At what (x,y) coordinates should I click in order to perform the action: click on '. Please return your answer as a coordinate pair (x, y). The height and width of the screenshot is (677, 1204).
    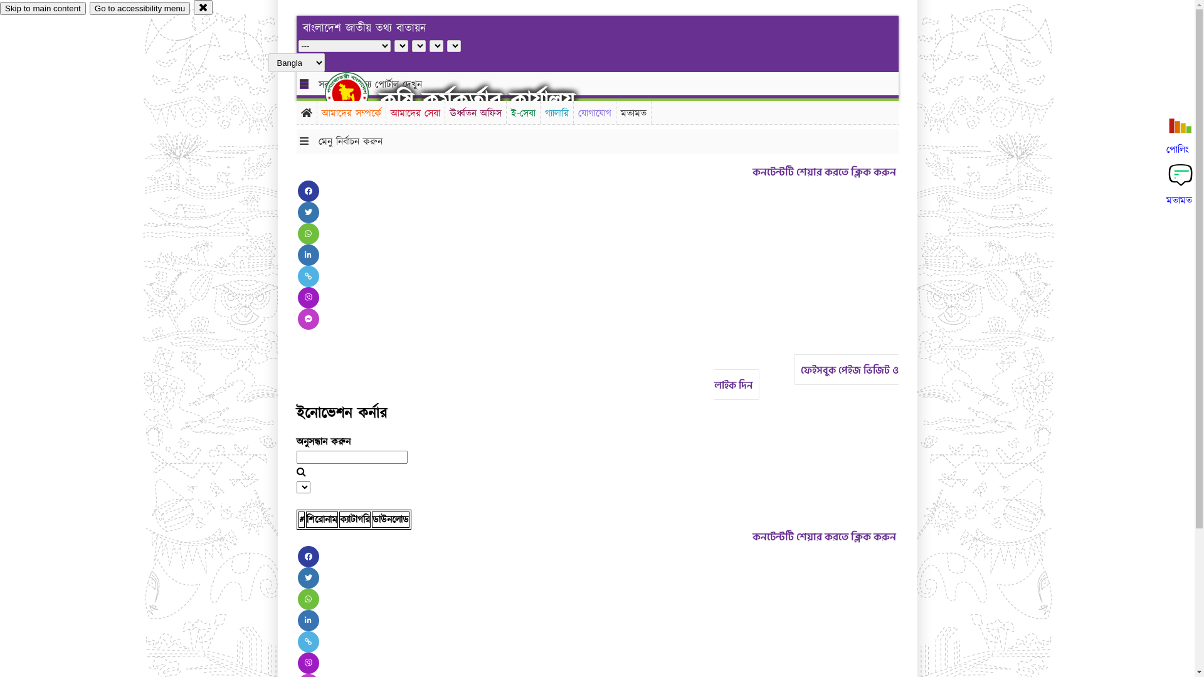
    Looking at the image, I should click on (357, 93).